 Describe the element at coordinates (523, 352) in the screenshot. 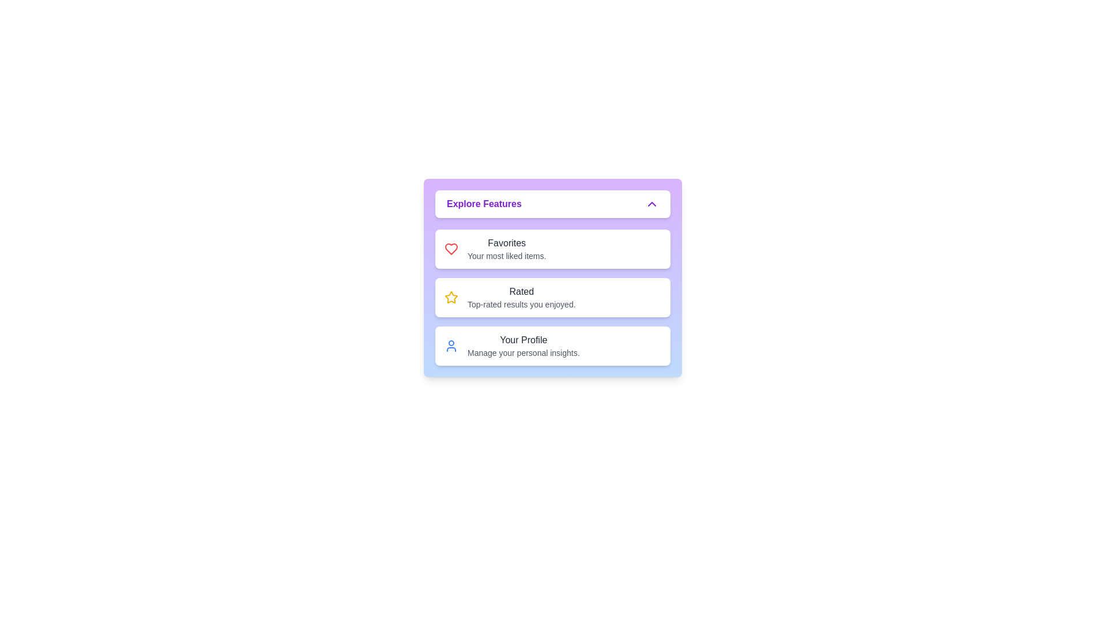

I see `the descriptive text element located directly below the 'Your Profile' label in the user options panel to provide additional context about the section` at that location.